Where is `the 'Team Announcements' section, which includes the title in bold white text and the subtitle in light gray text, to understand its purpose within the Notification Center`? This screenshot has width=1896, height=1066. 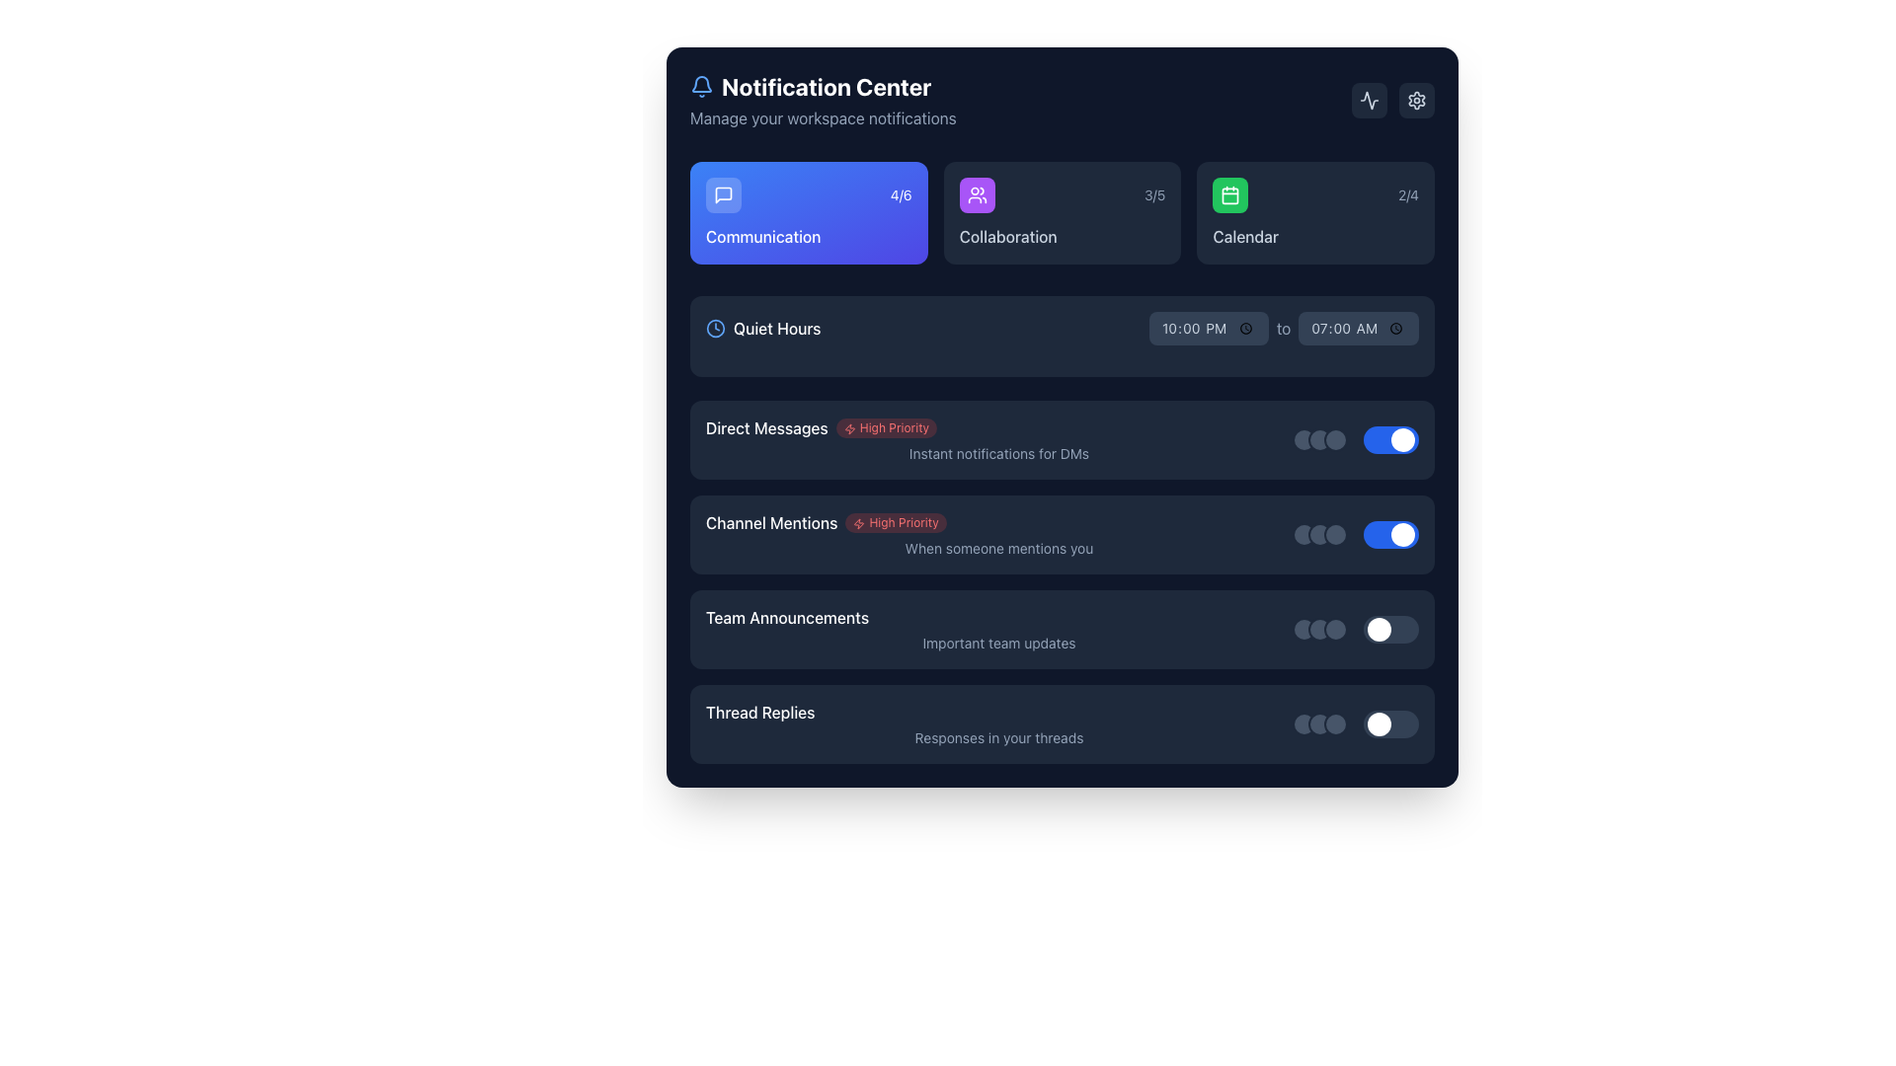
the 'Team Announcements' section, which includes the title in bold white text and the subtitle in light gray text, to understand its purpose within the Notification Center is located at coordinates (1061, 629).